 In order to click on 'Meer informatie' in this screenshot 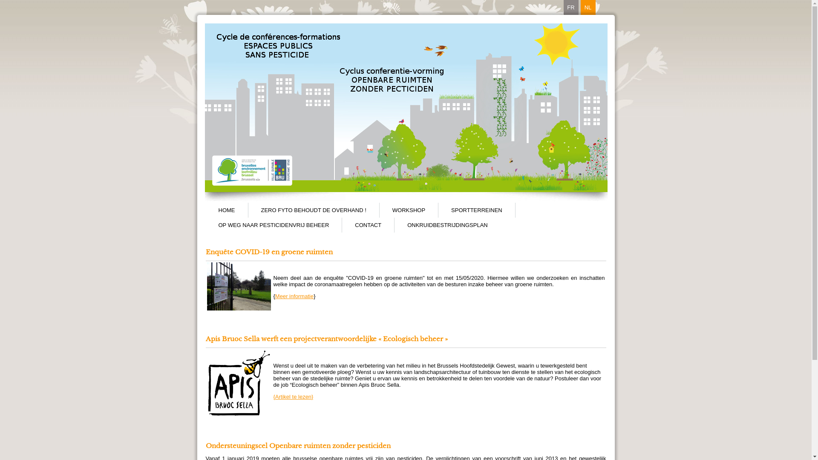, I will do `click(294, 296)`.